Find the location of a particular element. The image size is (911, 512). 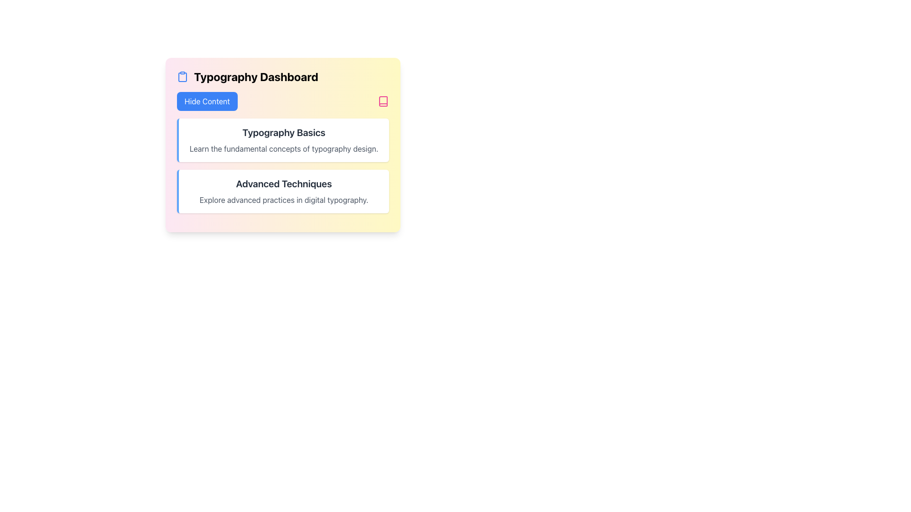

the Informative Section titled 'Typography Basics', which contains a subtitle about fundamental concepts of typography design is located at coordinates (282, 152).